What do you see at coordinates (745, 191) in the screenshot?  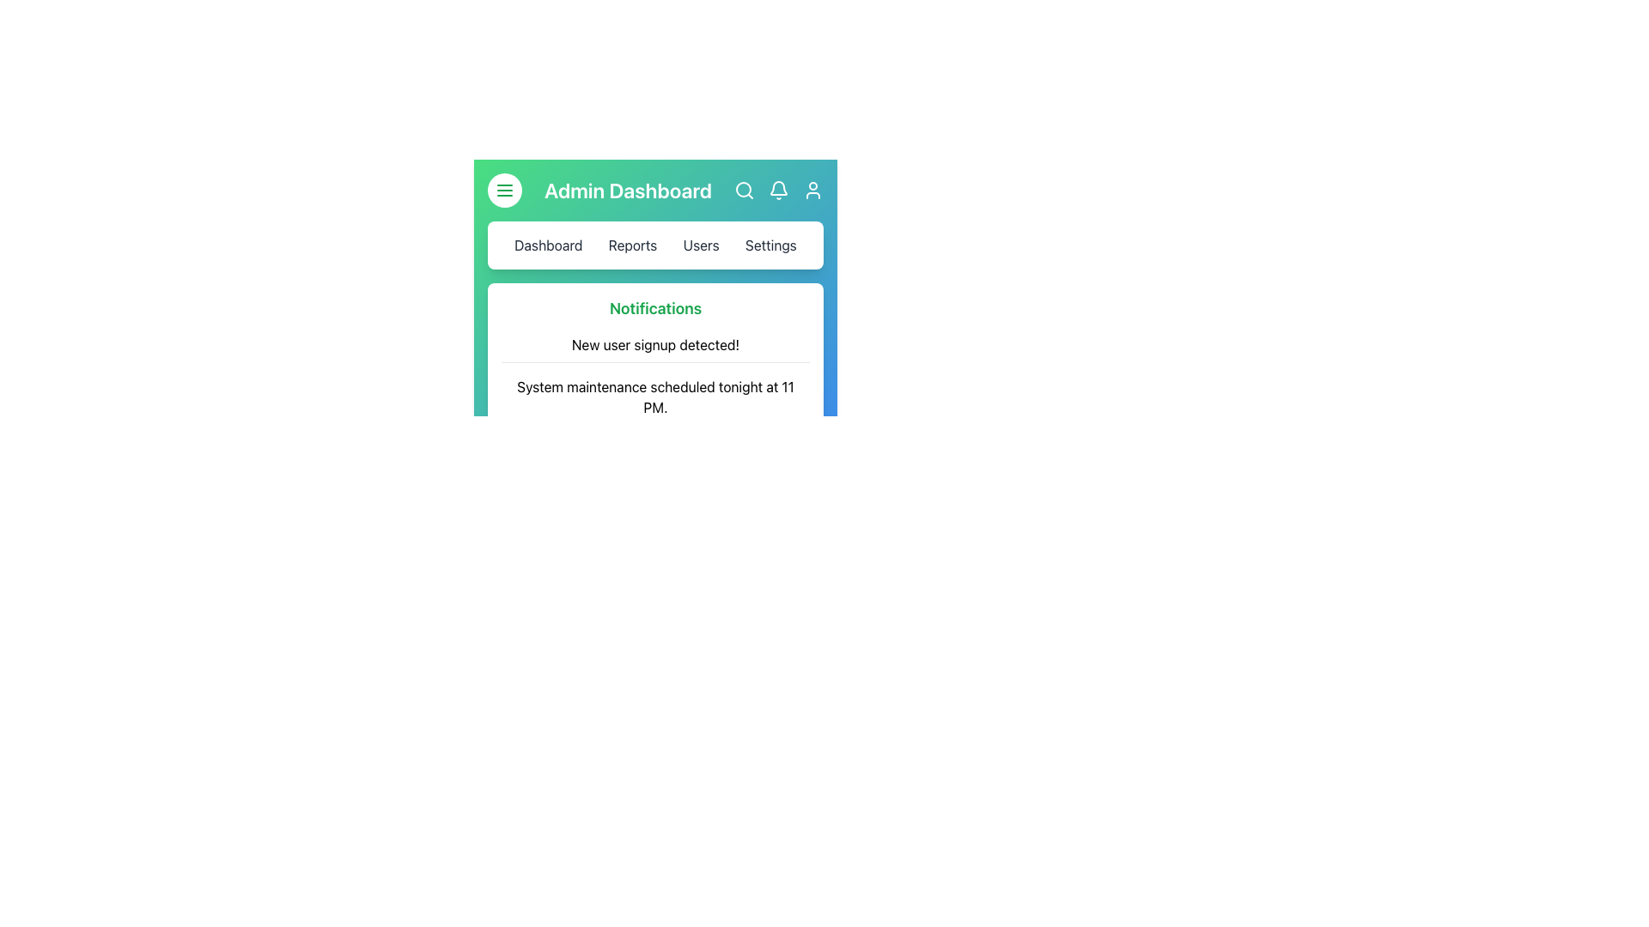 I see `the magnifying glass icon representing the search button, which is styled with white on a turquoise background and located` at bounding box center [745, 191].